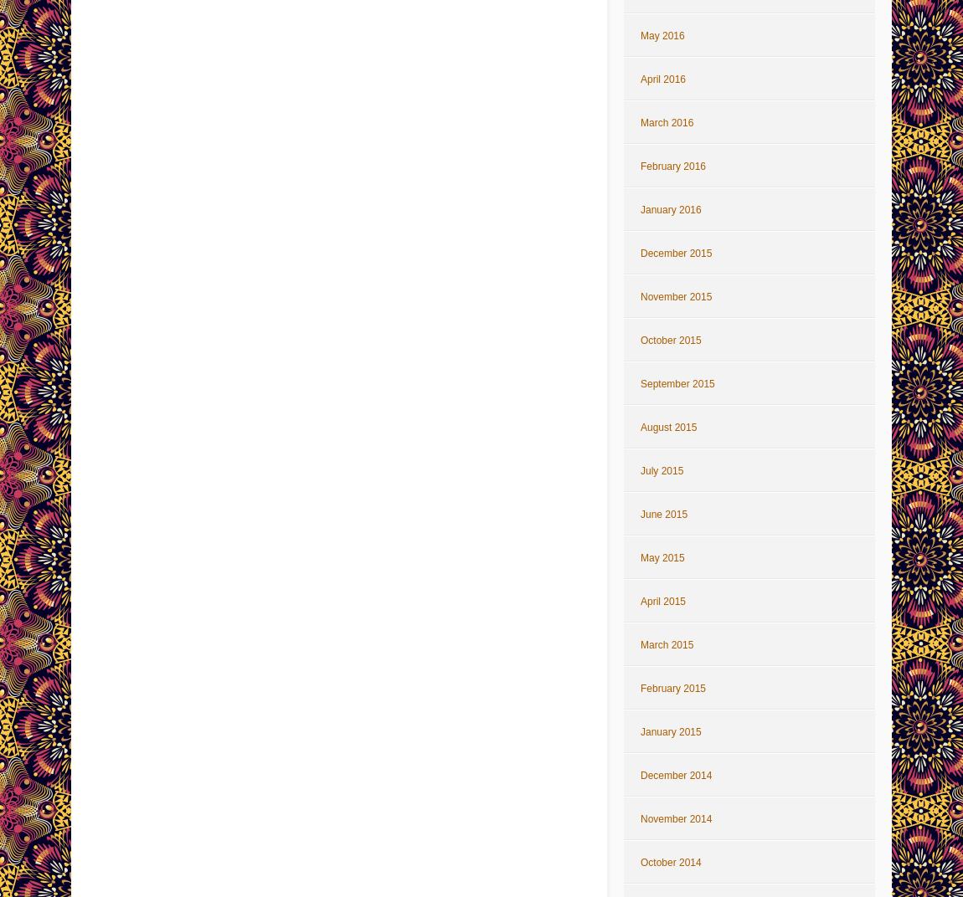  What do you see at coordinates (672, 165) in the screenshot?
I see `'February 2016'` at bounding box center [672, 165].